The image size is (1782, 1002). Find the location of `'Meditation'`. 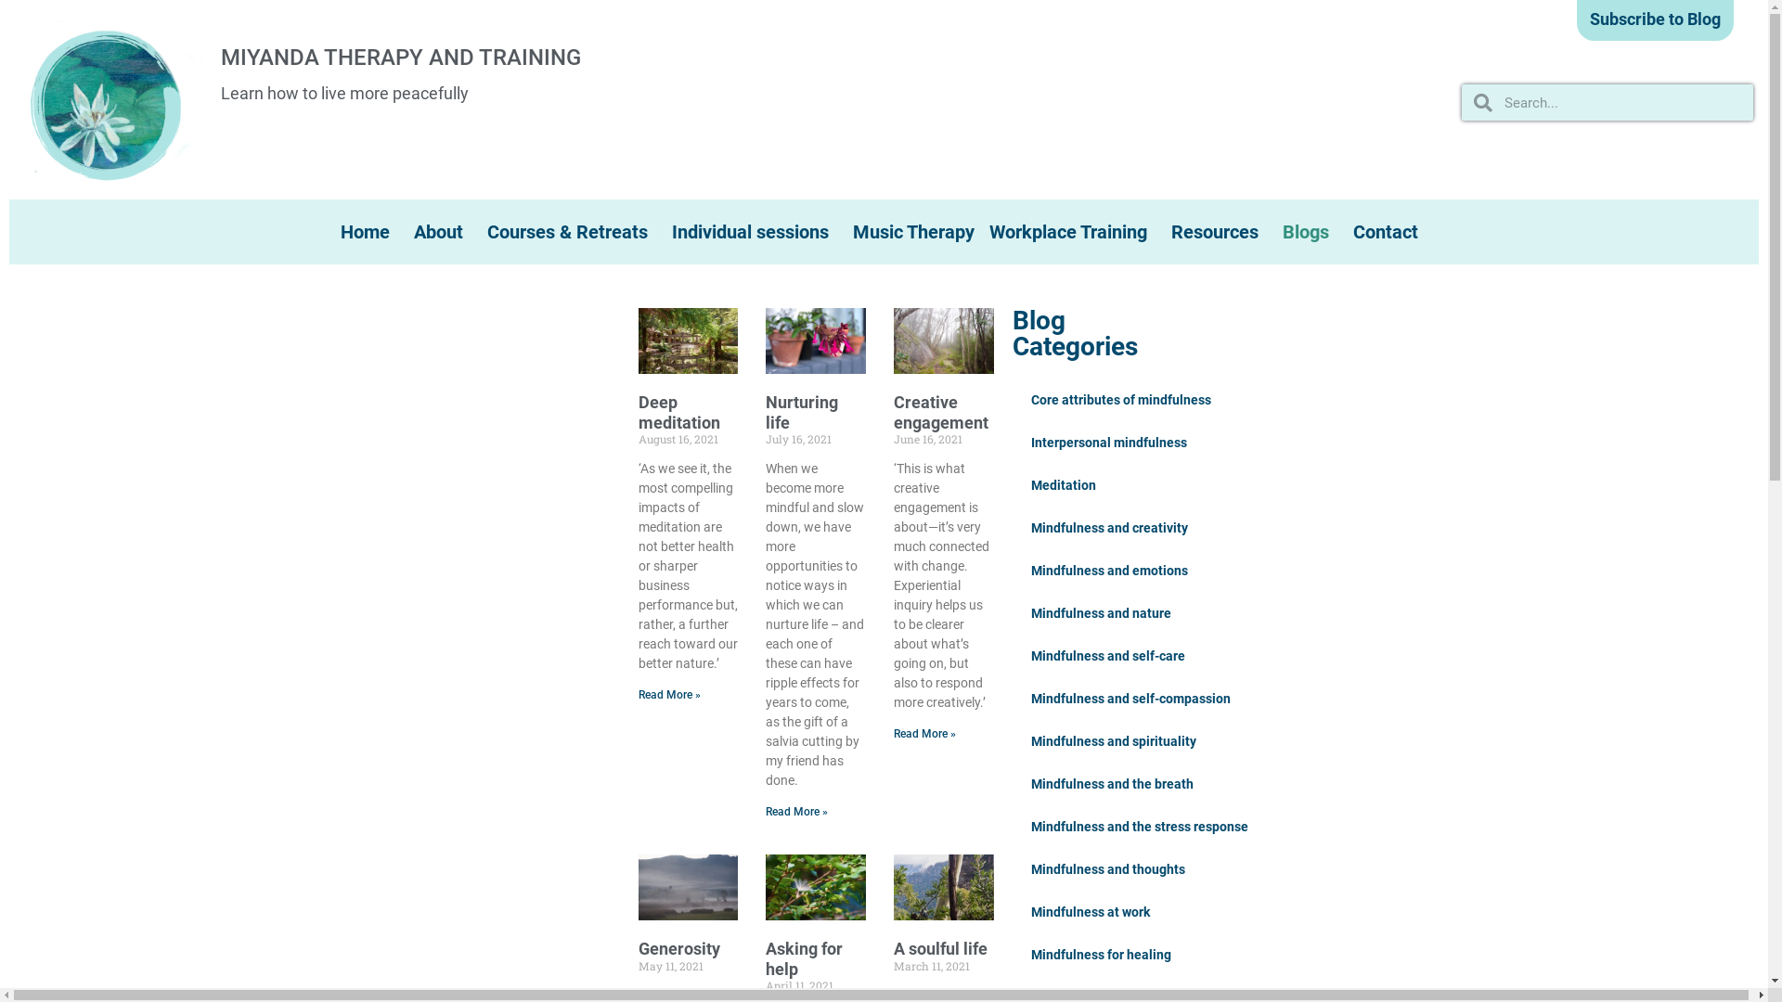

'Meditation' is located at coordinates (1064, 484).